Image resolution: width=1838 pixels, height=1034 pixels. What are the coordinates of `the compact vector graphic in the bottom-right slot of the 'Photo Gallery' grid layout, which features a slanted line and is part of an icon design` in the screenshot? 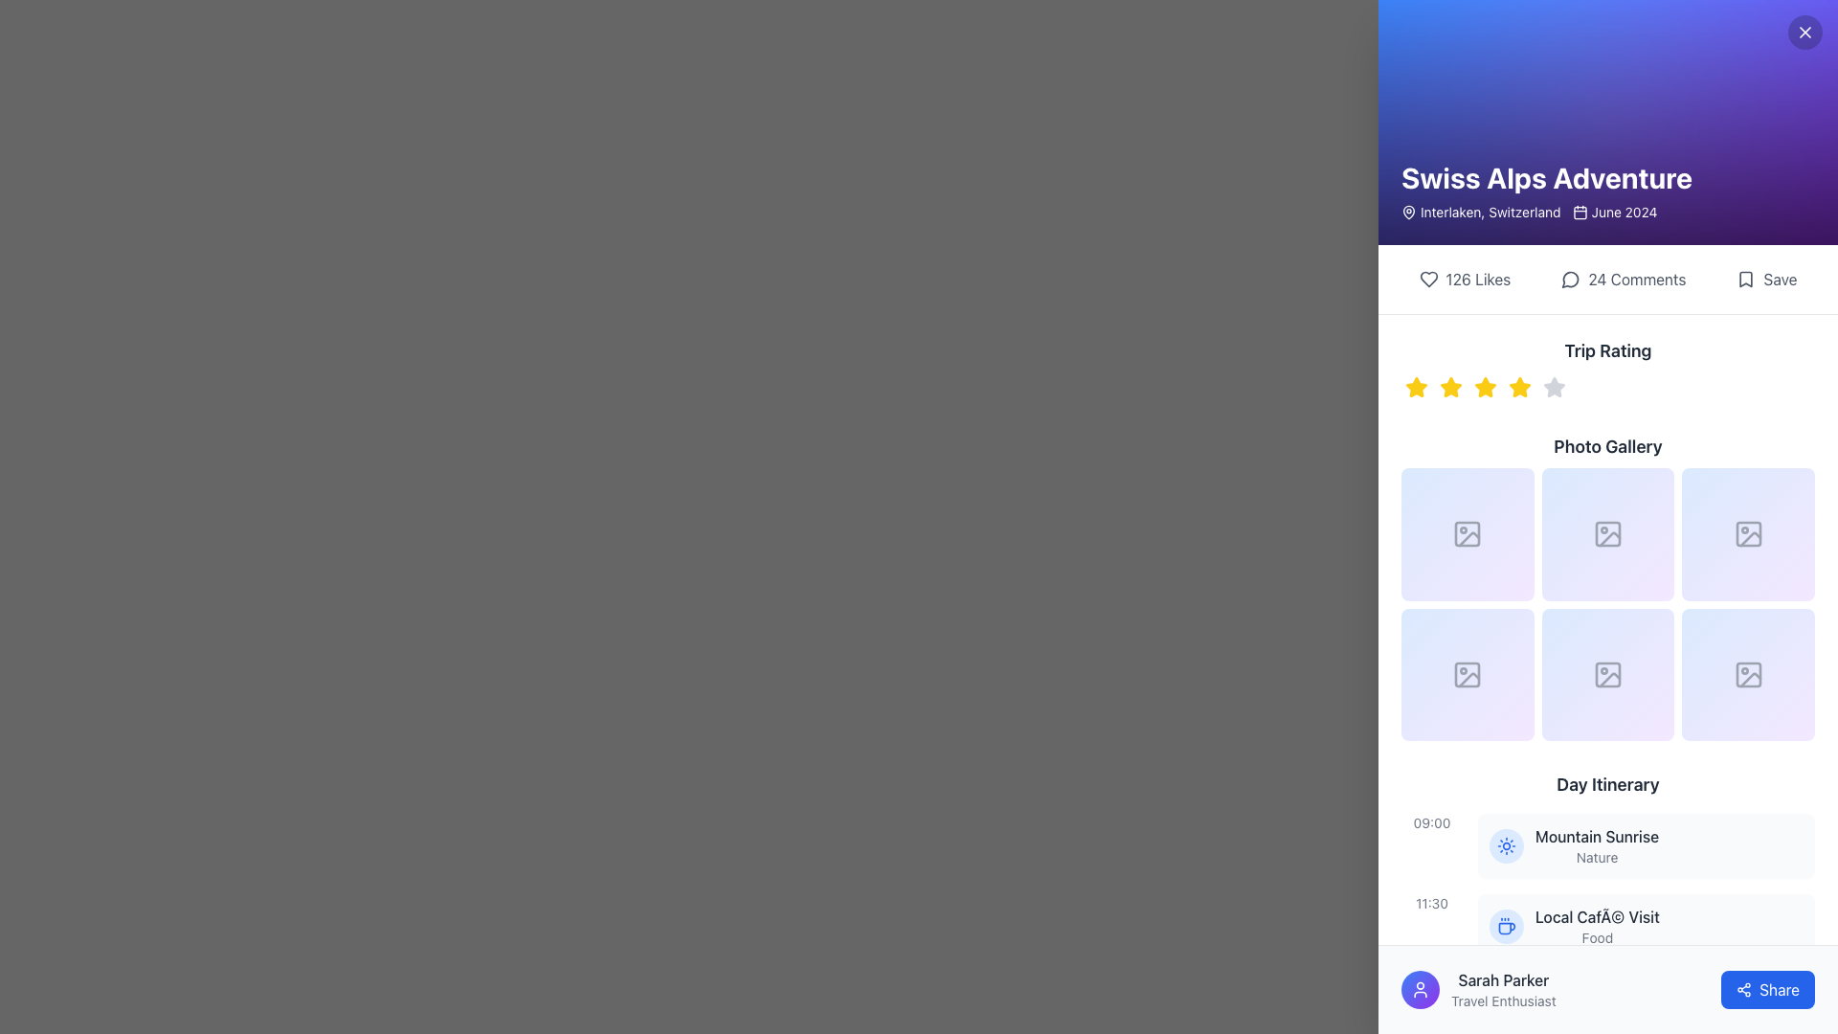 It's located at (1608, 679).